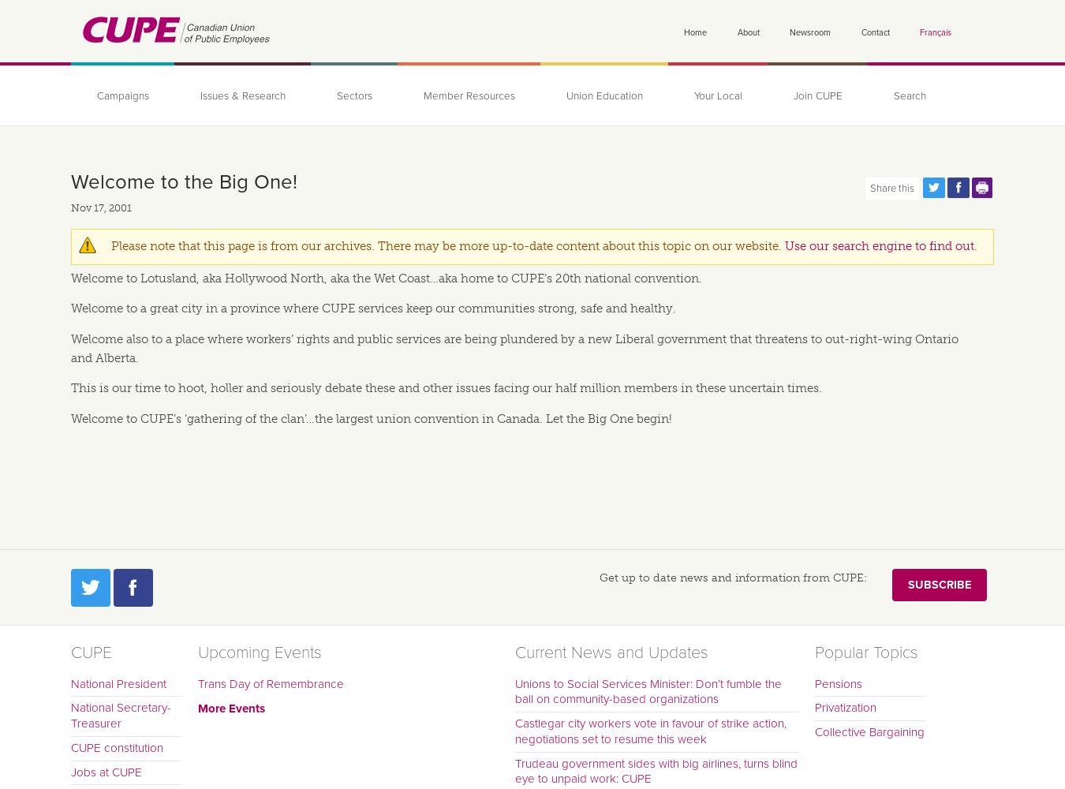 The width and height of the screenshot is (1065, 789). Describe the element at coordinates (447, 387) in the screenshot. I see `'This is our time to hoot, holler and seriously debate these and other issues facing our half million members in these uncertain times.'` at that location.